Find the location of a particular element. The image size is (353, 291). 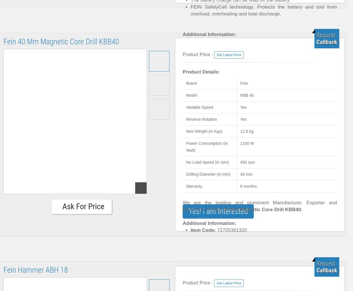

'Variable Speed' is located at coordinates (200, 107).